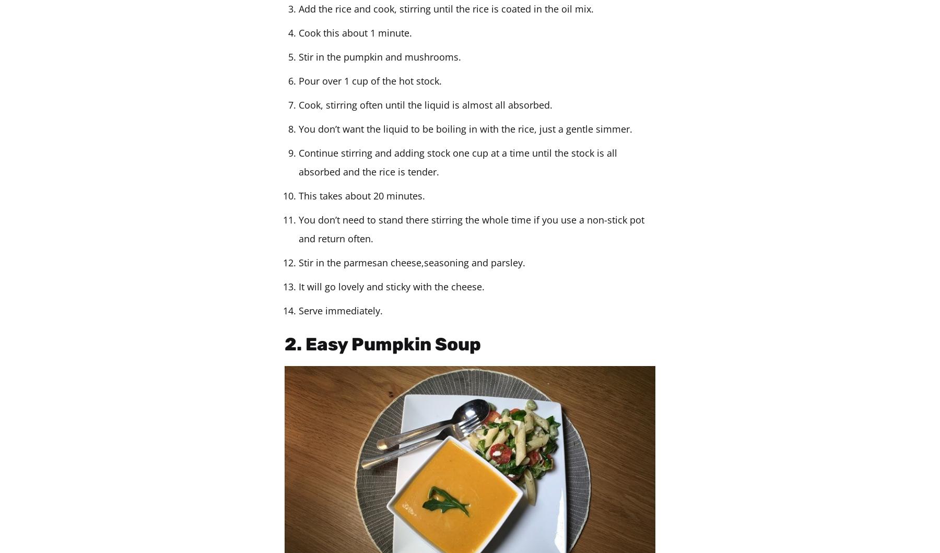 The height and width of the screenshot is (553, 940). I want to click on 'Cook this about 1 minute.', so click(355, 33).